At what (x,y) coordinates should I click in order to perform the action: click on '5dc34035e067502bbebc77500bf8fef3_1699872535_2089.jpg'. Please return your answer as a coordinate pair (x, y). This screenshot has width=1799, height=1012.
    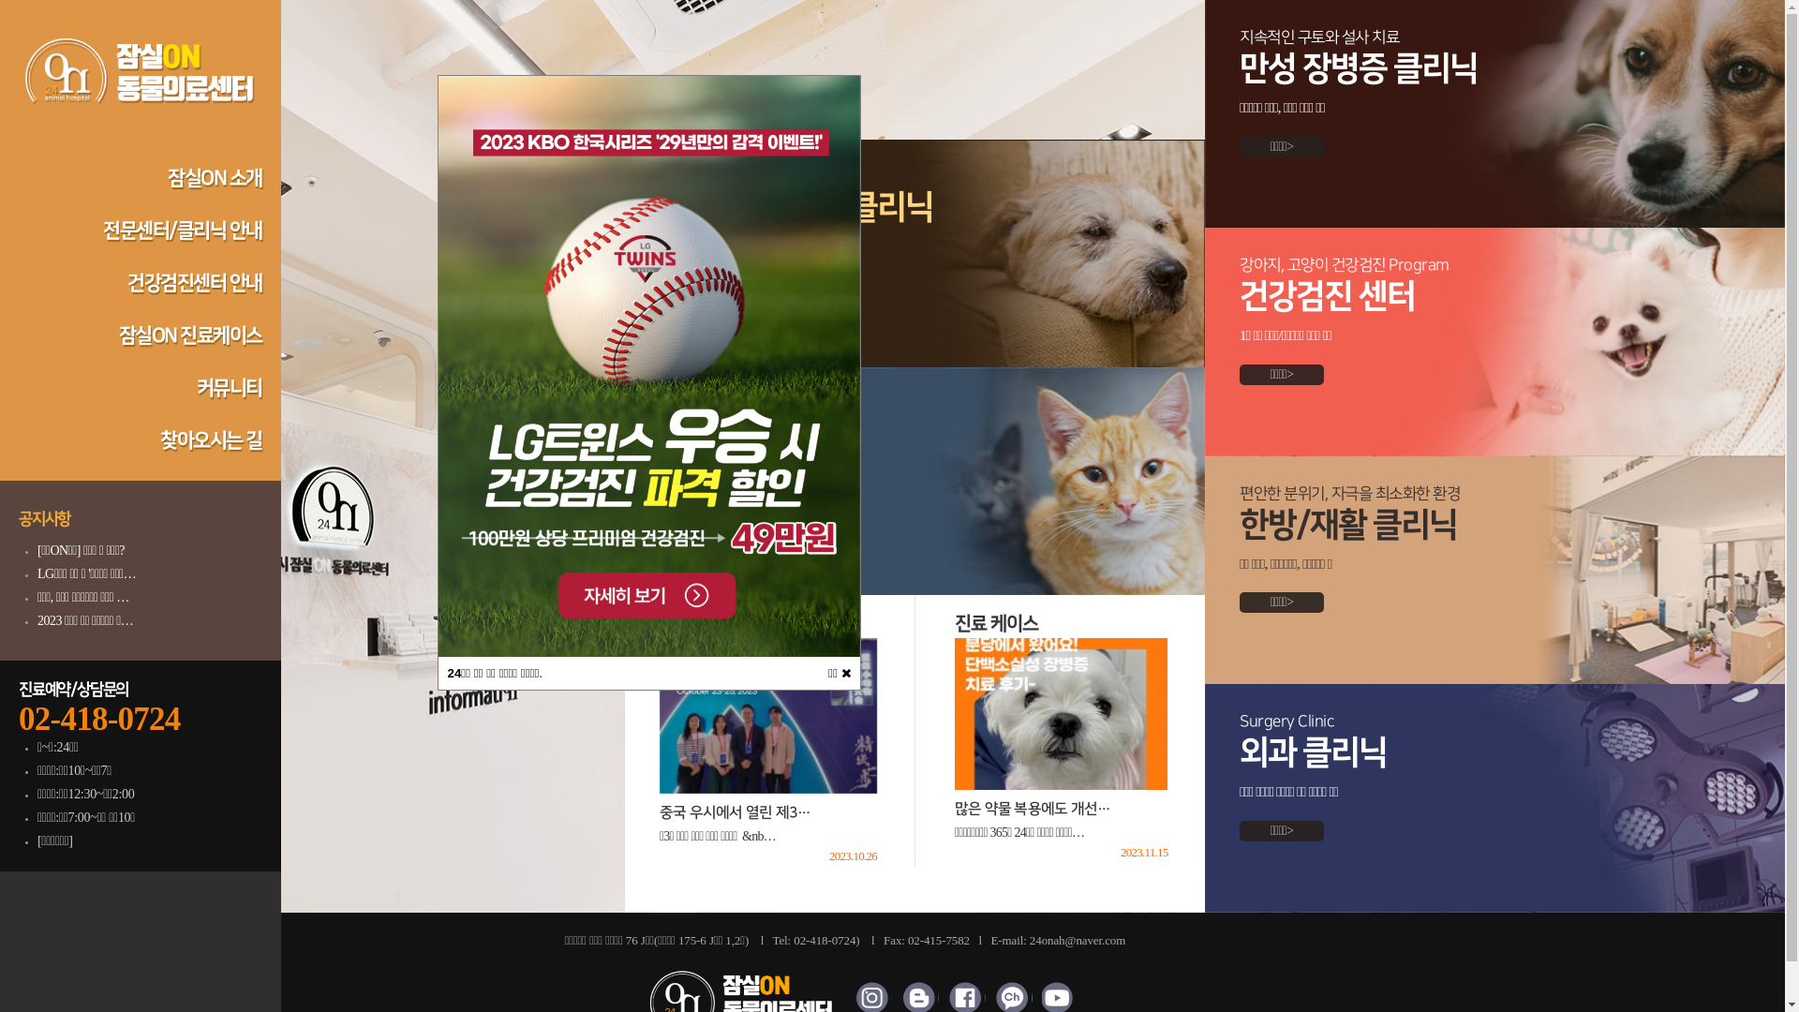
    Looking at the image, I should click on (648, 365).